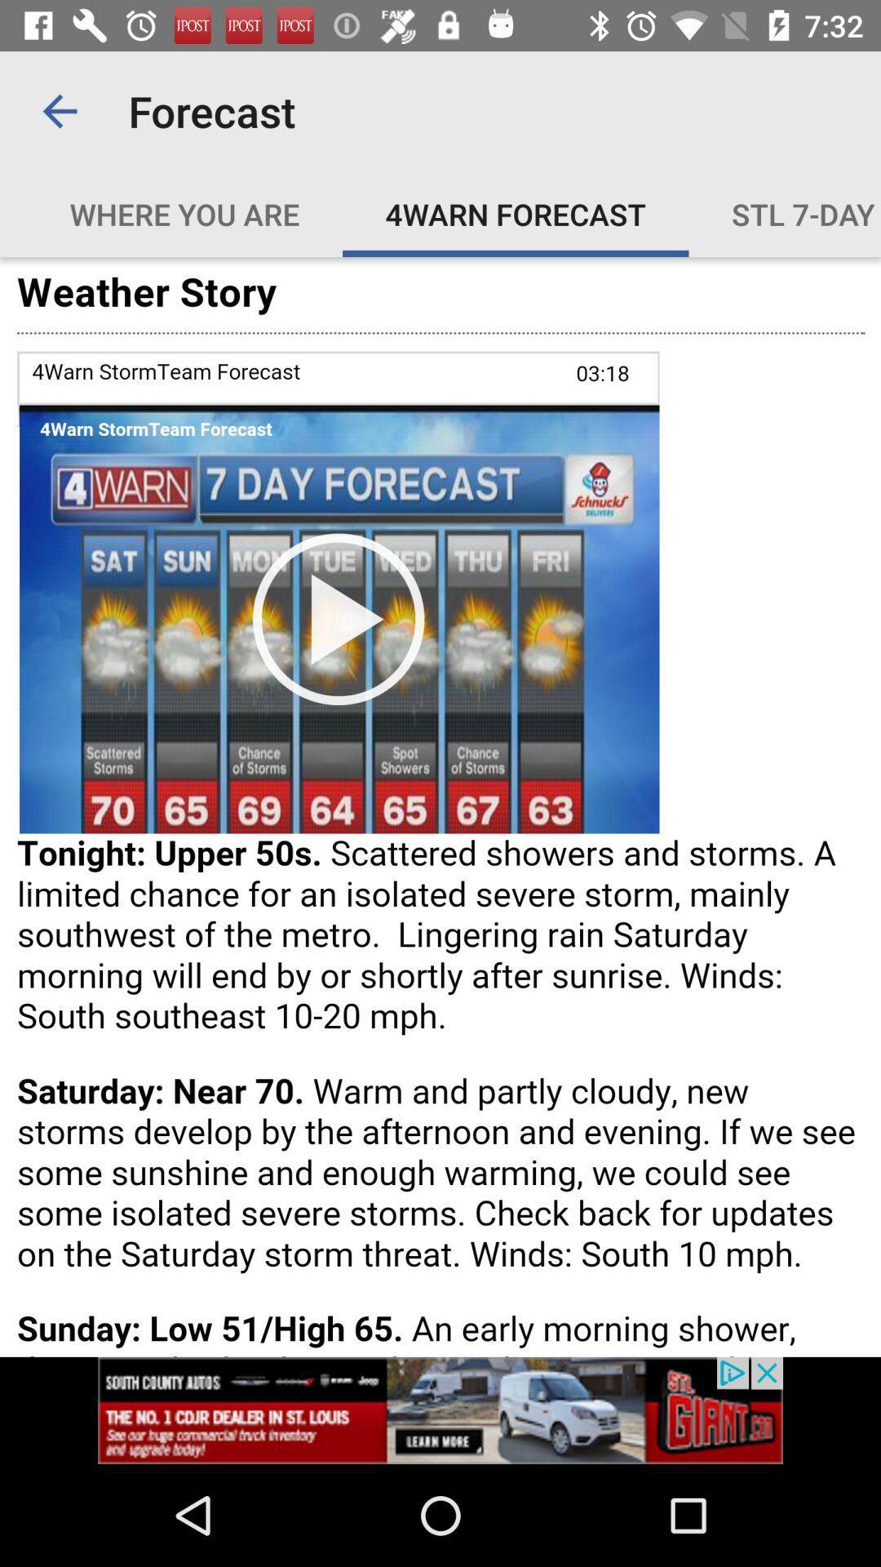 This screenshot has height=1567, width=881. Describe the element at coordinates (440, 806) in the screenshot. I see `playing the forecast and read the file` at that location.